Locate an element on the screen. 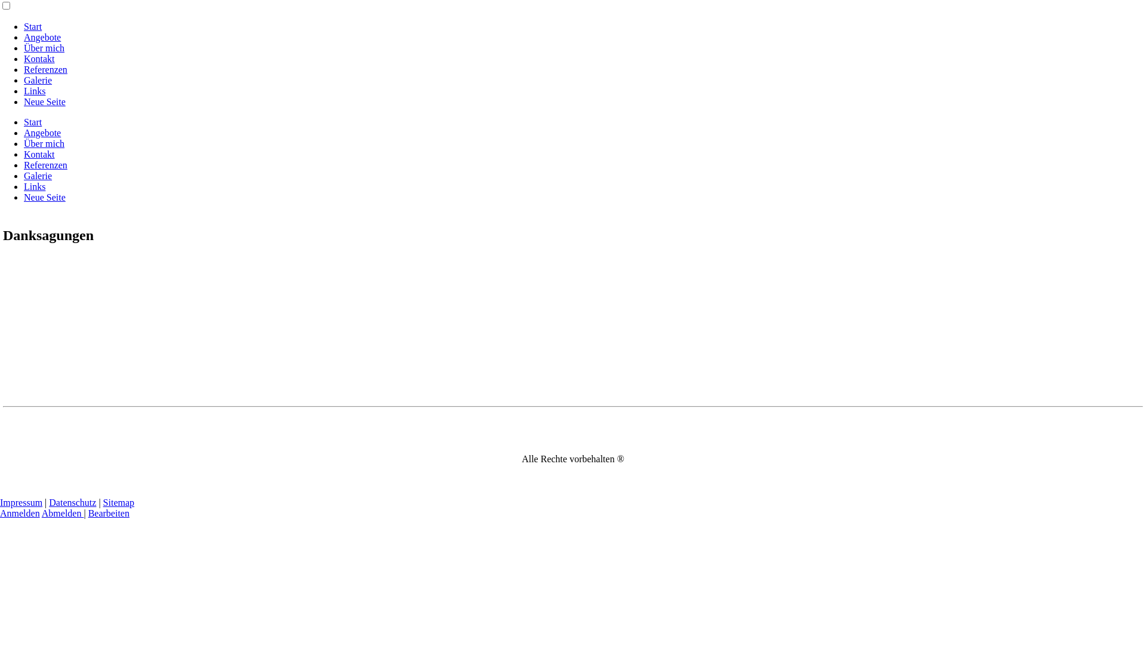 The height and width of the screenshot is (645, 1146). 'Start' is located at coordinates (32, 122).